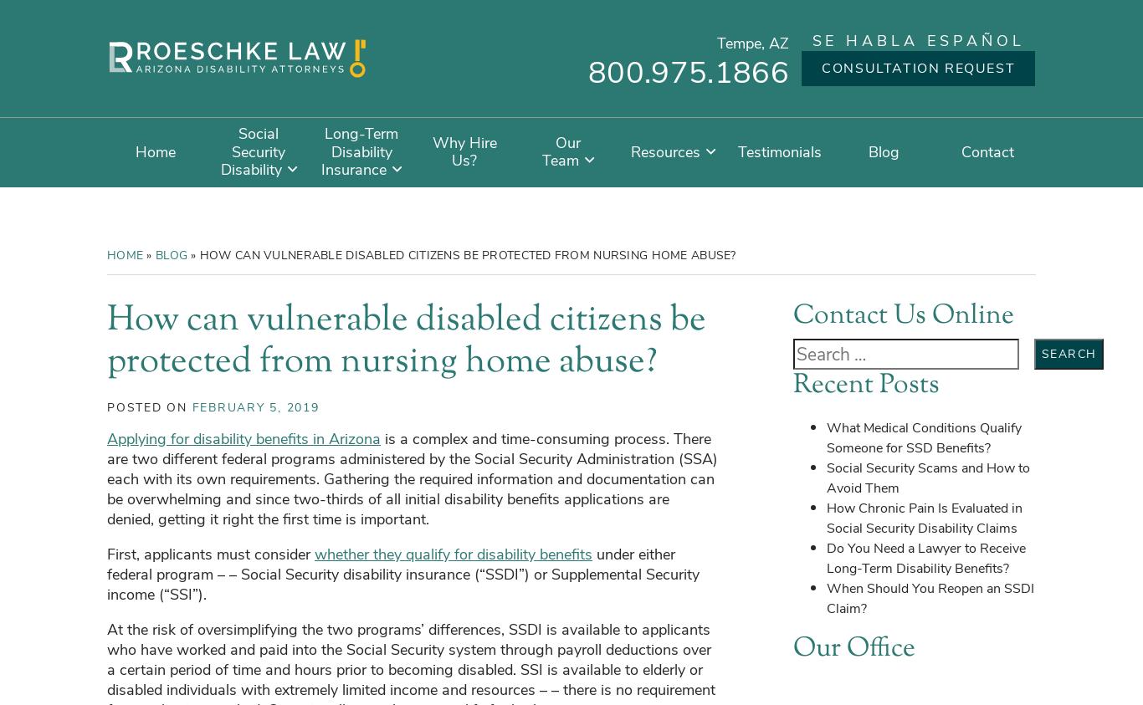 Image resolution: width=1143 pixels, height=705 pixels. Describe the element at coordinates (793, 647) in the screenshot. I see `'Our Office'` at that location.